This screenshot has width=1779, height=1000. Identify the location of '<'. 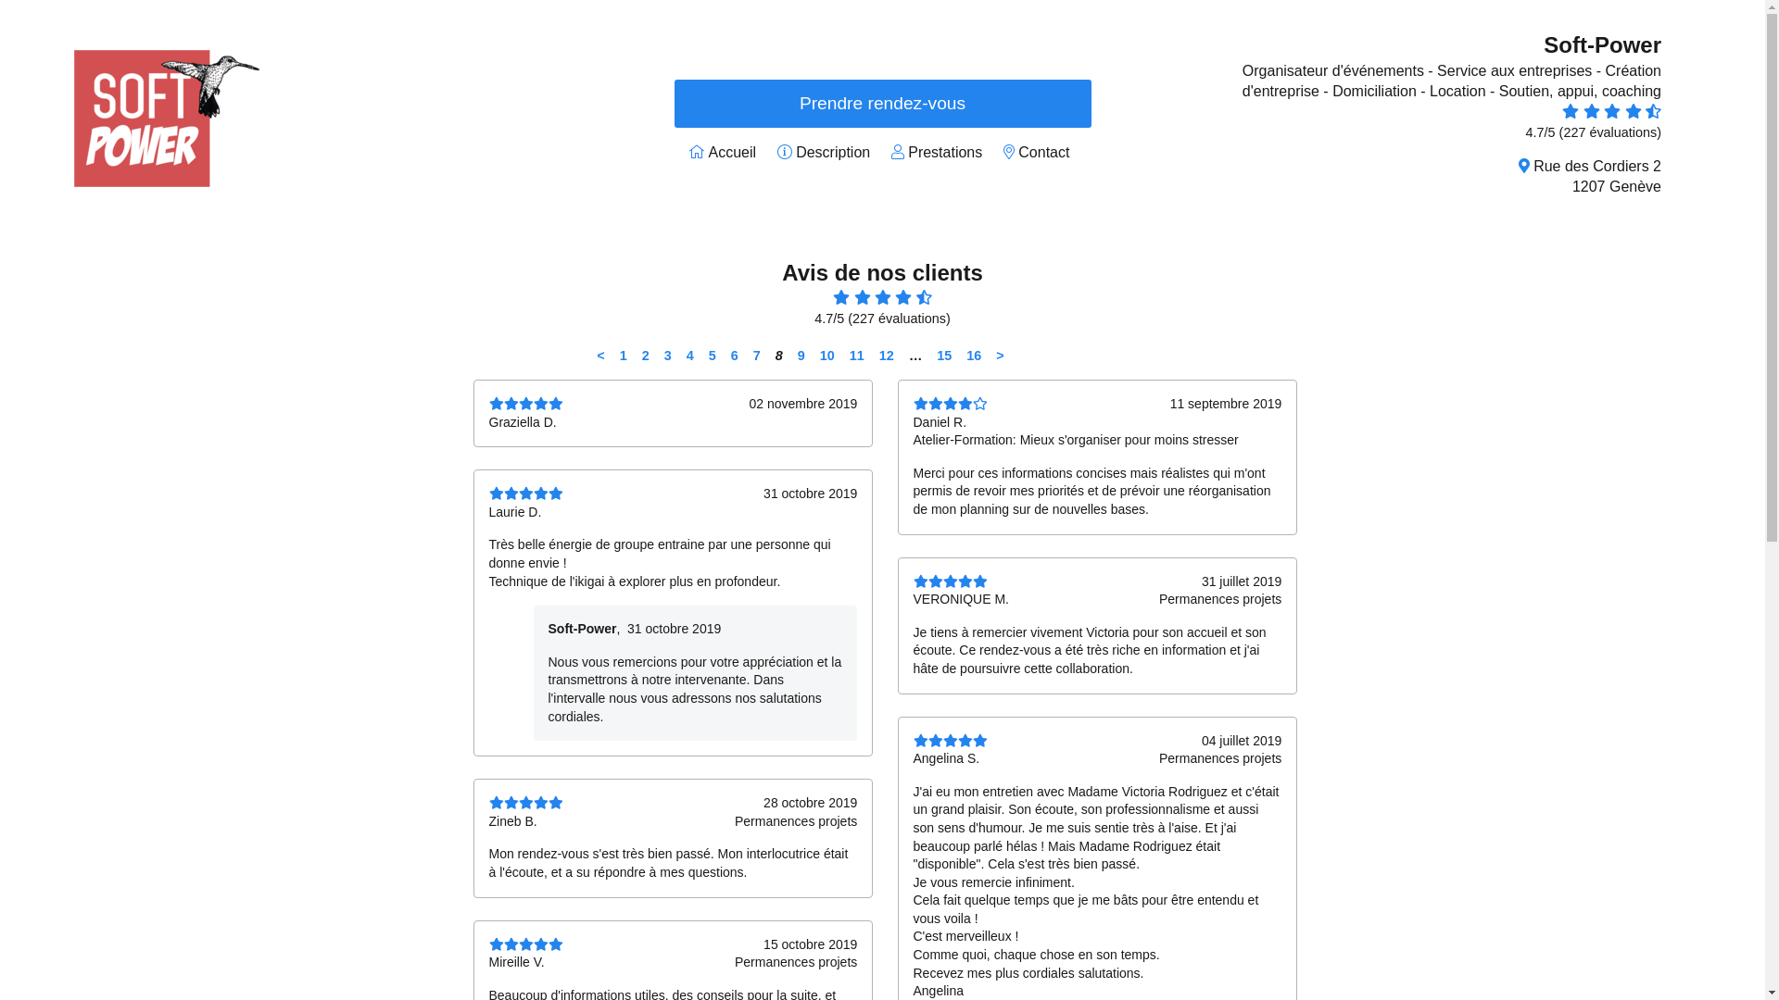
(600, 356).